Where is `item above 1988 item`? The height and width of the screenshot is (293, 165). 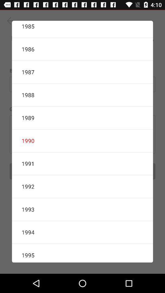
item above 1988 item is located at coordinates (82, 72).